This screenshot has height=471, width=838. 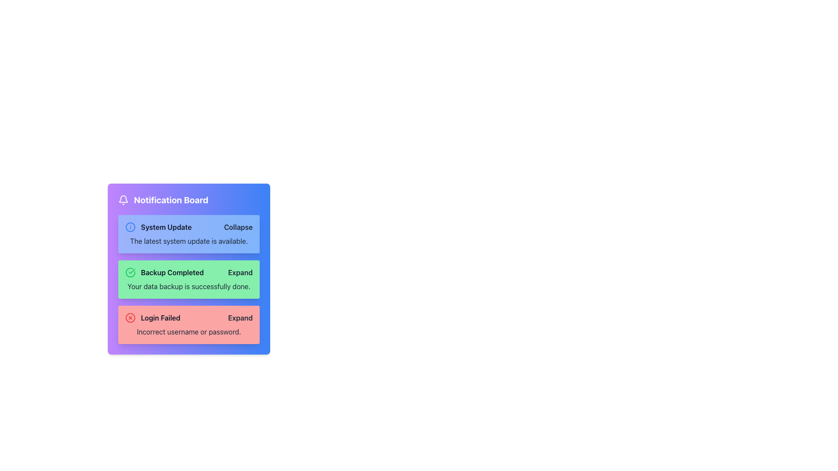 I want to click on the SVG Bell Icon, which serves as a visual identifier for the Notification Board section, located immediately to the left of the 'Notification Board' text label, so click(x=123, y=200).